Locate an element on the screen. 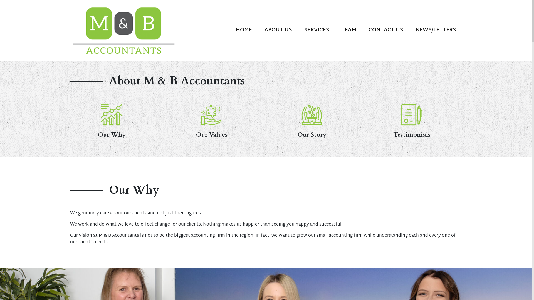  'TEAM' is located at coordinates (348, 30).